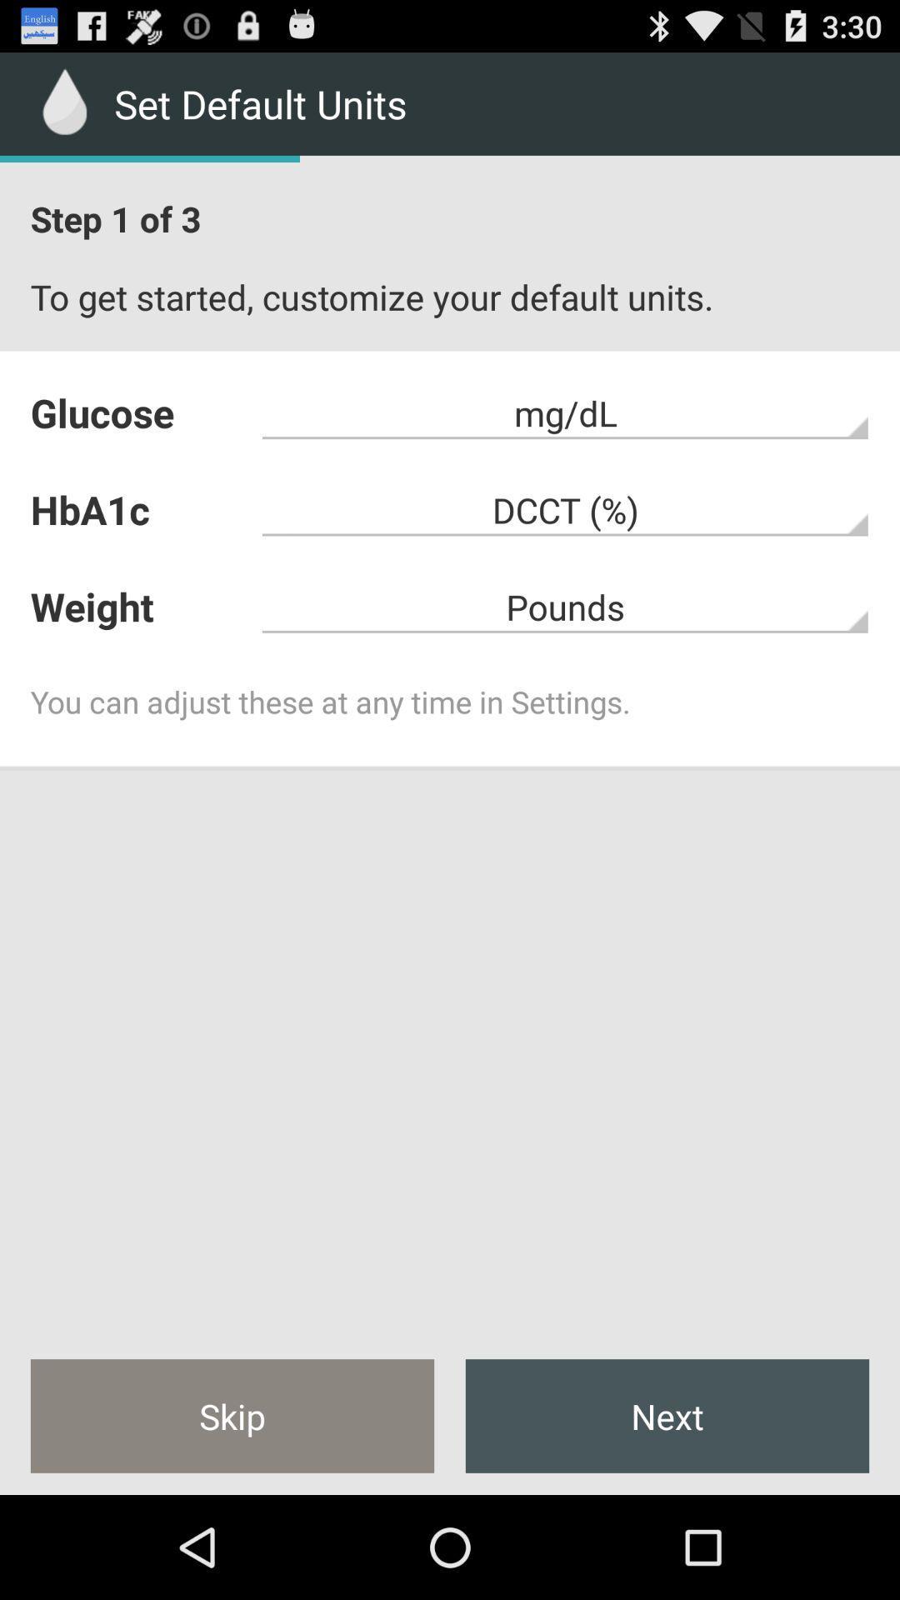 Image resolution: width=900 pixels, height=1600 pixels. Describe the element at coordinates (565, 508) in the screenshot. I see `the dcct (%)` at that location.